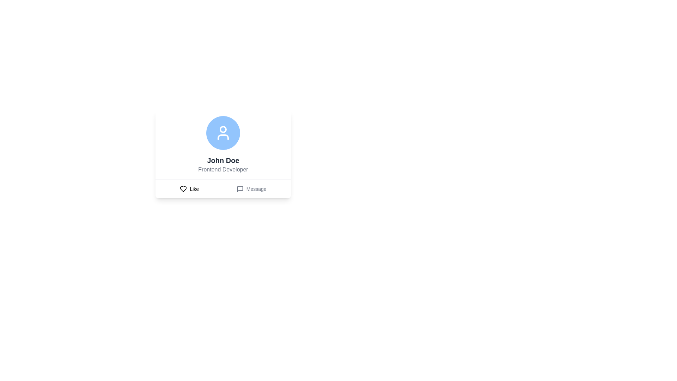  I want to click on the upper circle of the user icon graphic, which represents user identity, located at the top center of the card layout, so click(223, 129).